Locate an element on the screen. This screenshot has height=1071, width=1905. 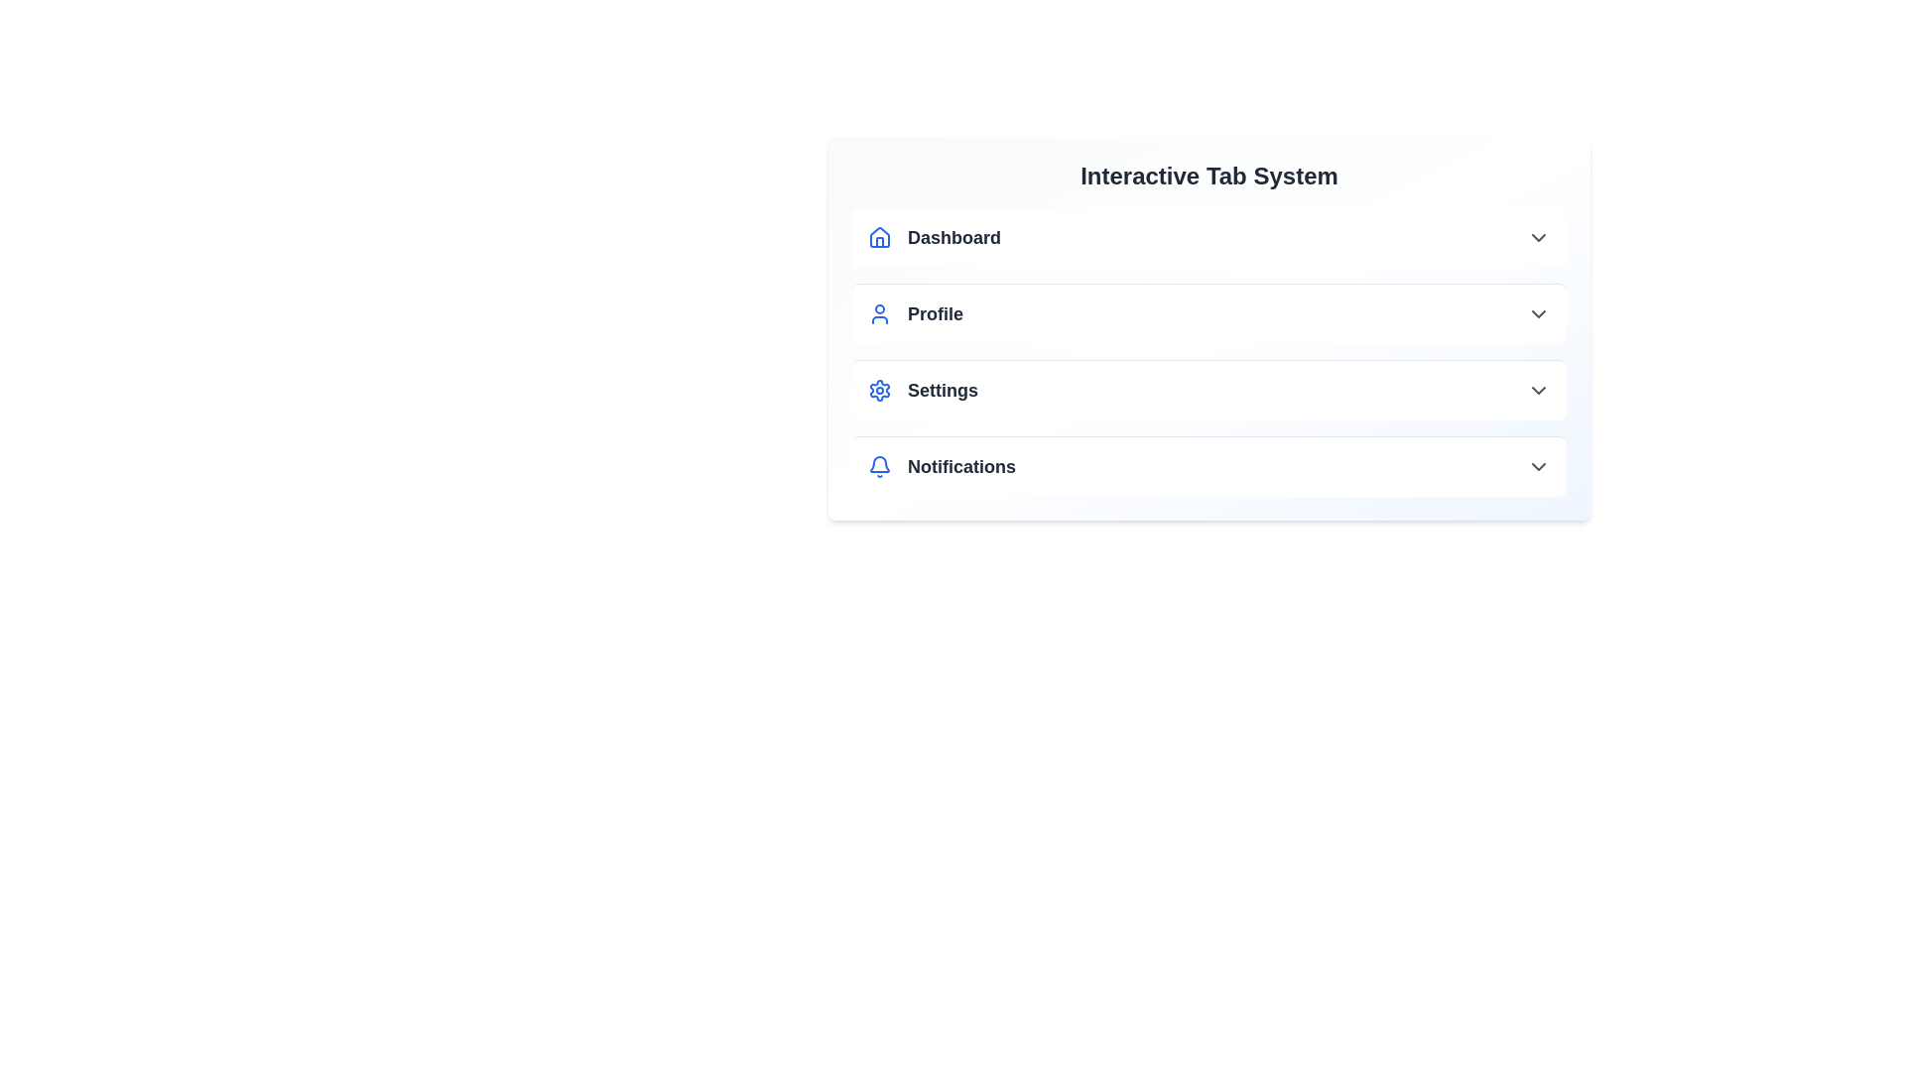
the settings button, the third item in the vertically stacked menu list, located below 'Profile' and above 'Notifications' is located at coordinates (1208, 390).